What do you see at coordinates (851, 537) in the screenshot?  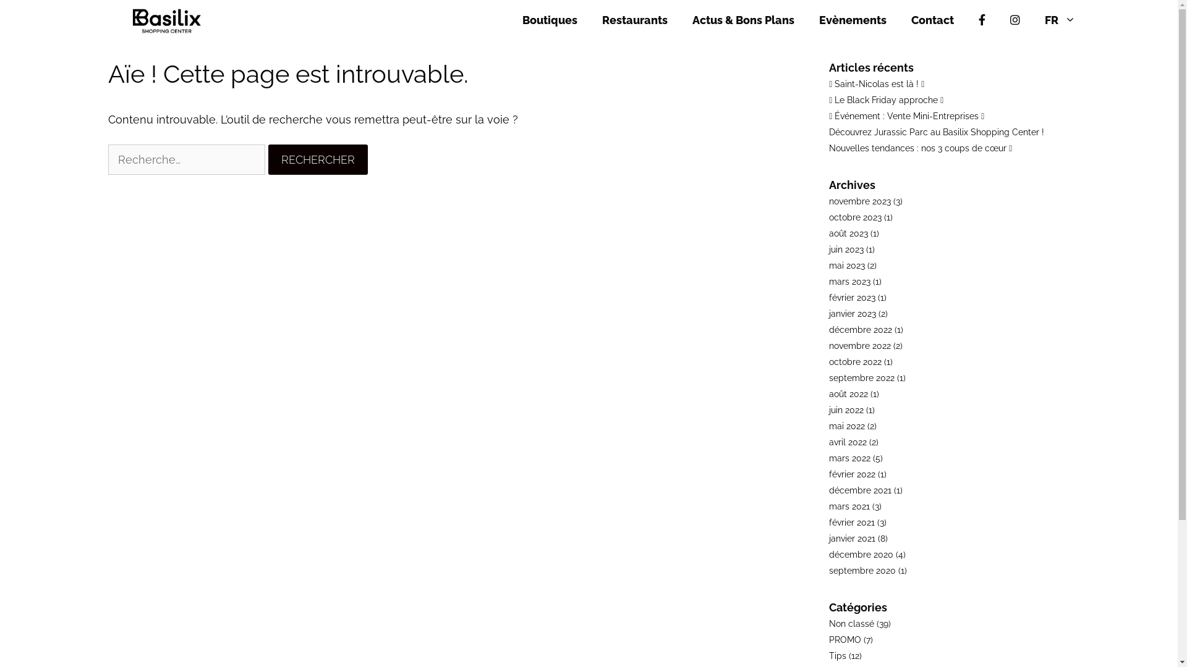 I see `'janvier 2021'` at bounding box center [851, 537].